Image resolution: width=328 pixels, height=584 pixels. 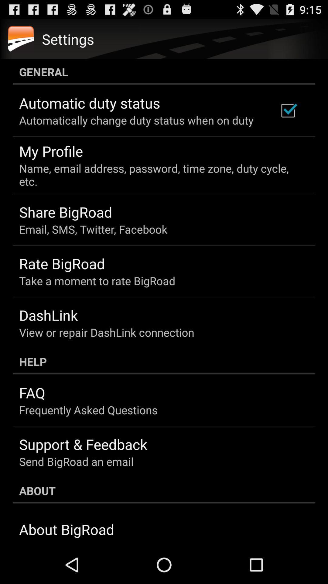 What do you see at coordinates (83, 444) in the screenshot?
I see `app above the send bigroad an icon` at bounding box center [83, 444].